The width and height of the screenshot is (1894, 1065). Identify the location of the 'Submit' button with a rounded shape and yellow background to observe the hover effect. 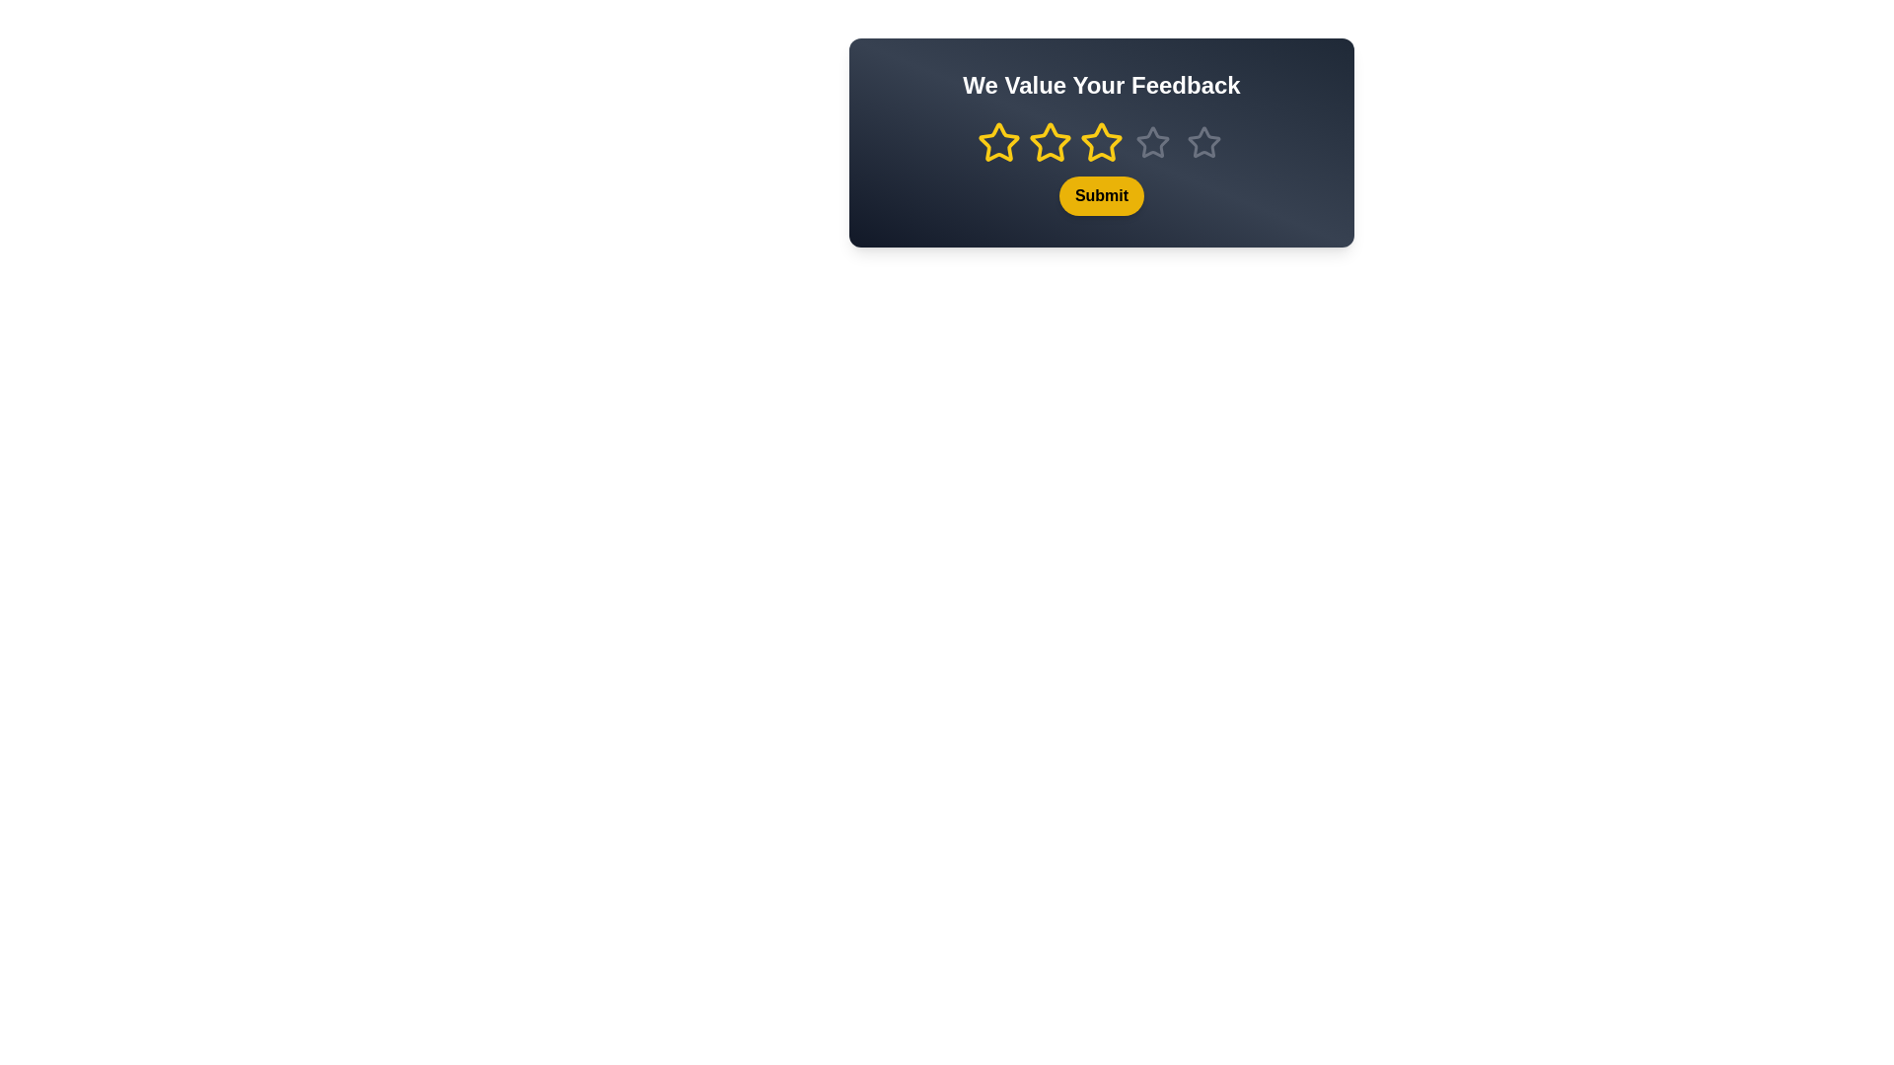
(1101, 170).